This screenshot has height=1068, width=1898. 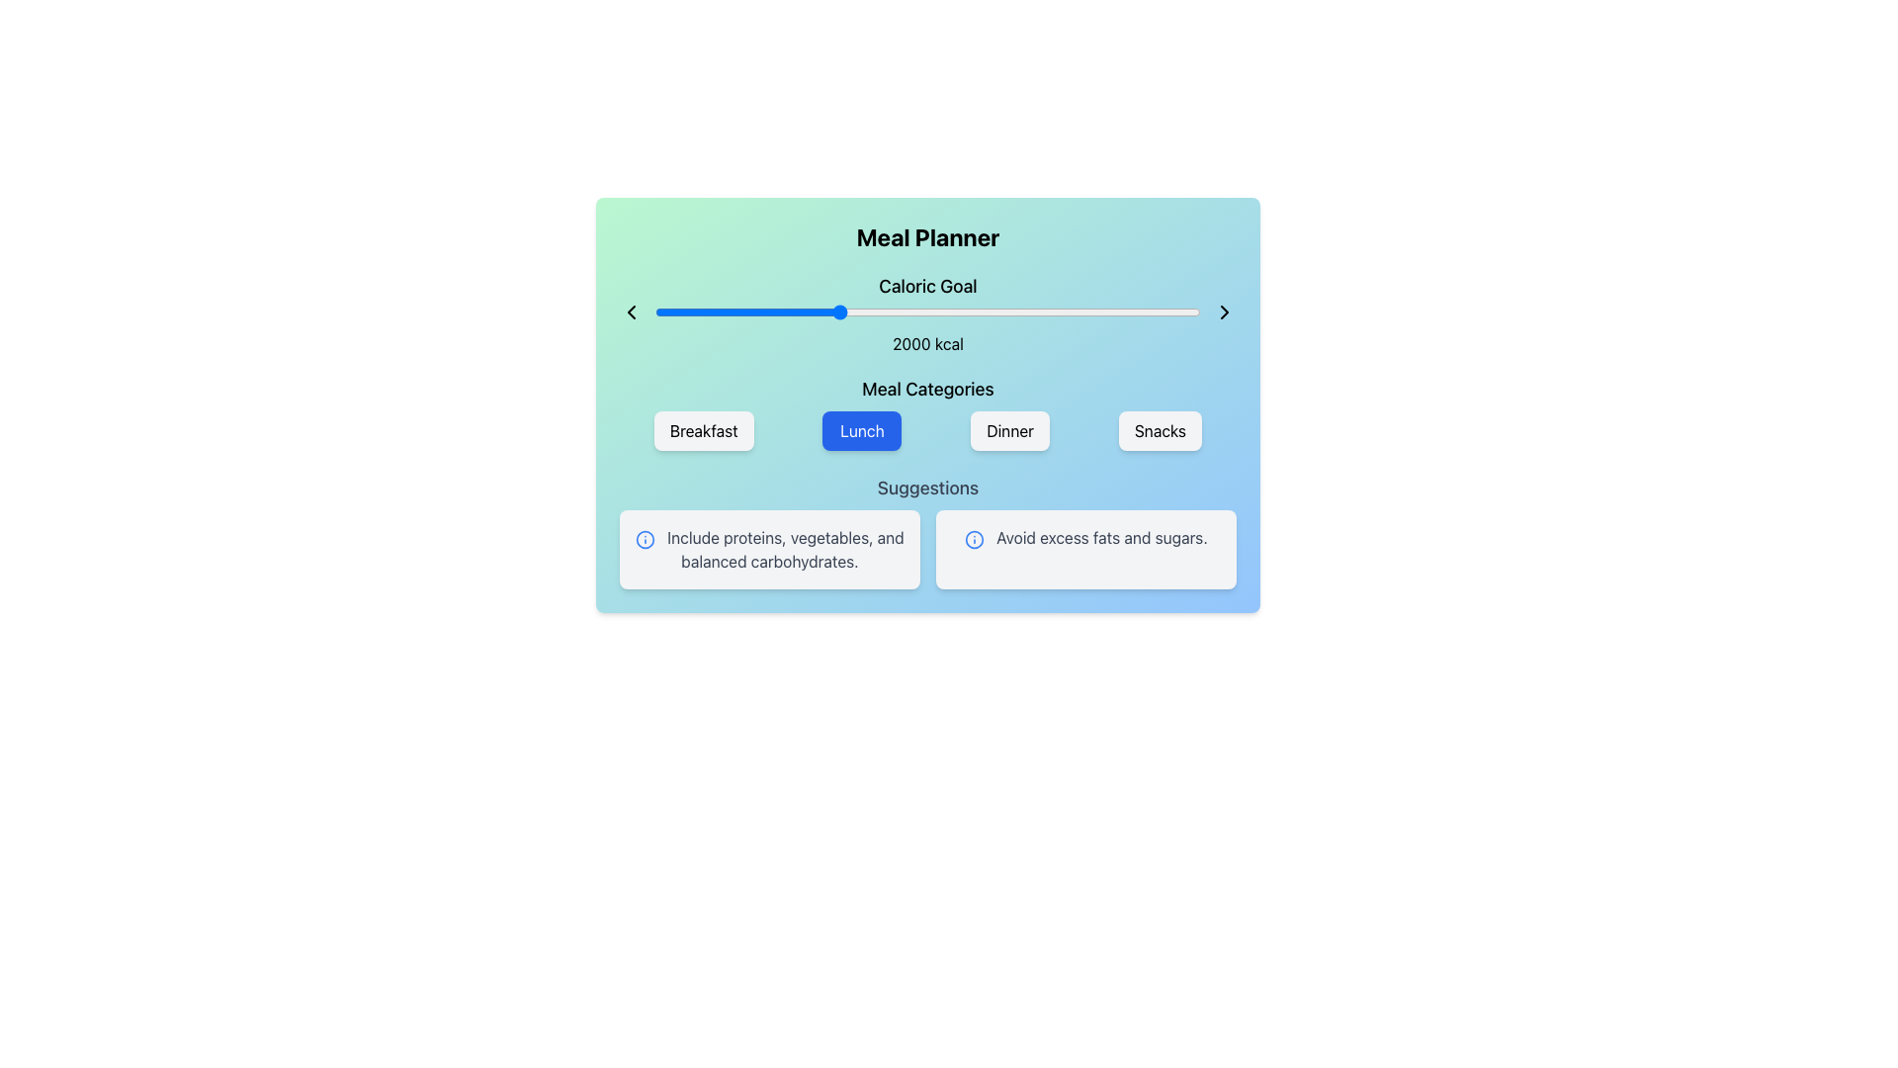 I want to click on Button group for meal category selection located beneath the caloric goal display in the 'Meal Planner' section, so click(x=927, y=411).